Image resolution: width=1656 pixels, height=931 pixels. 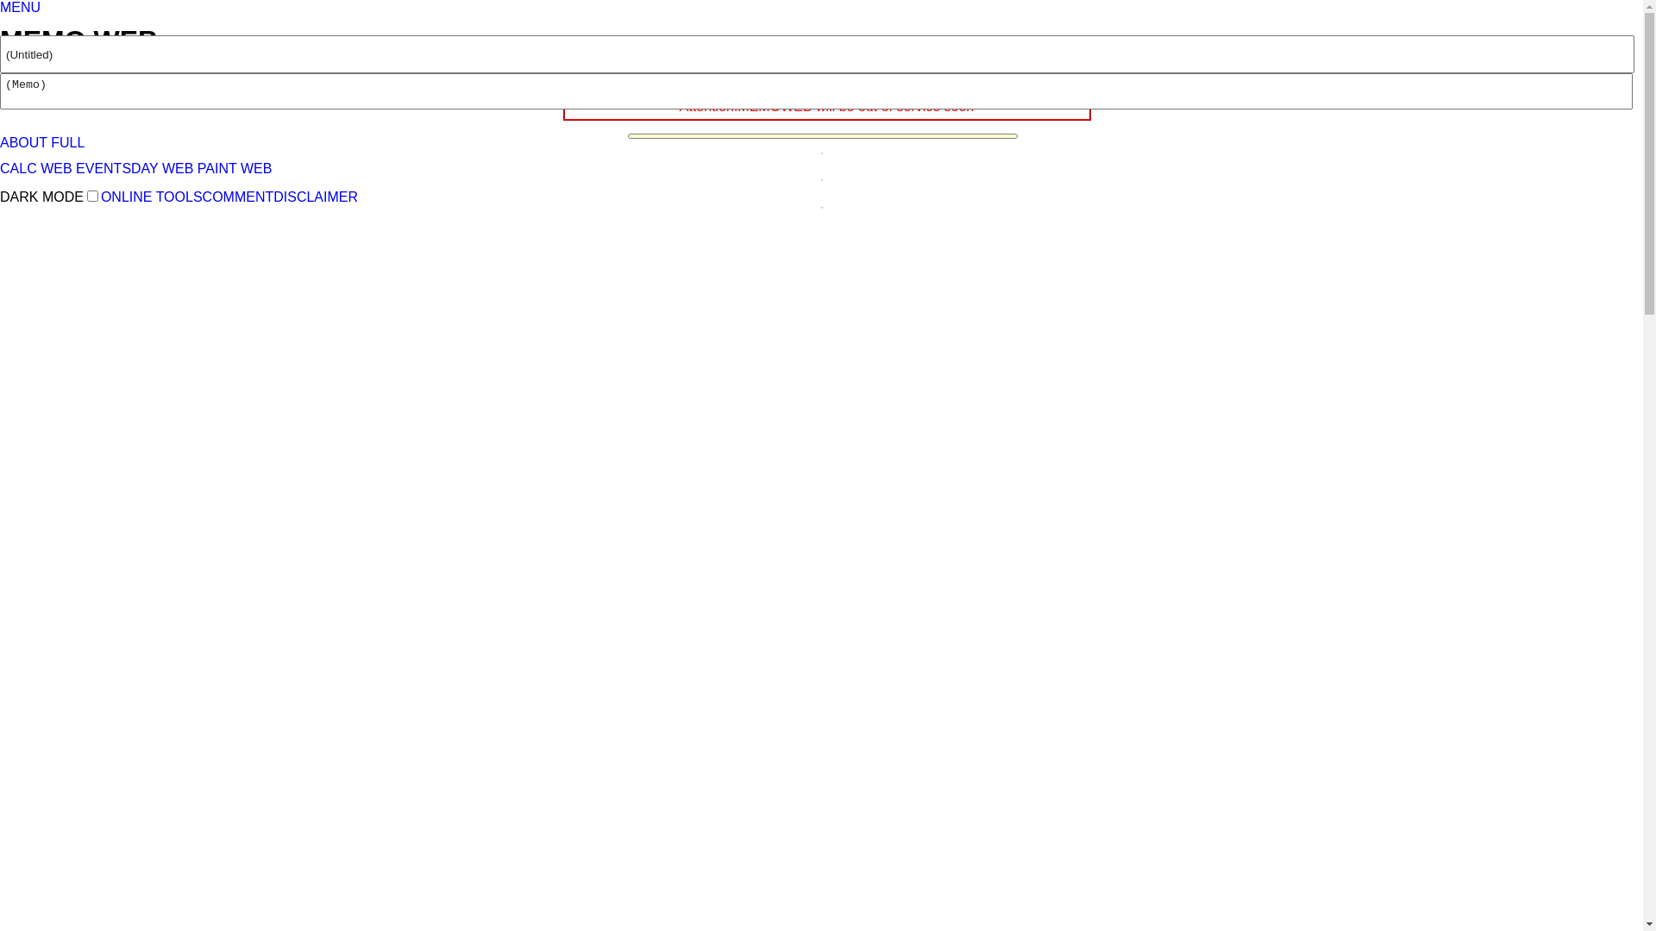 What do you see at coordinates (67, 141) in the screenshot?
I see `'FULL'` at bounding box center [67, 141].